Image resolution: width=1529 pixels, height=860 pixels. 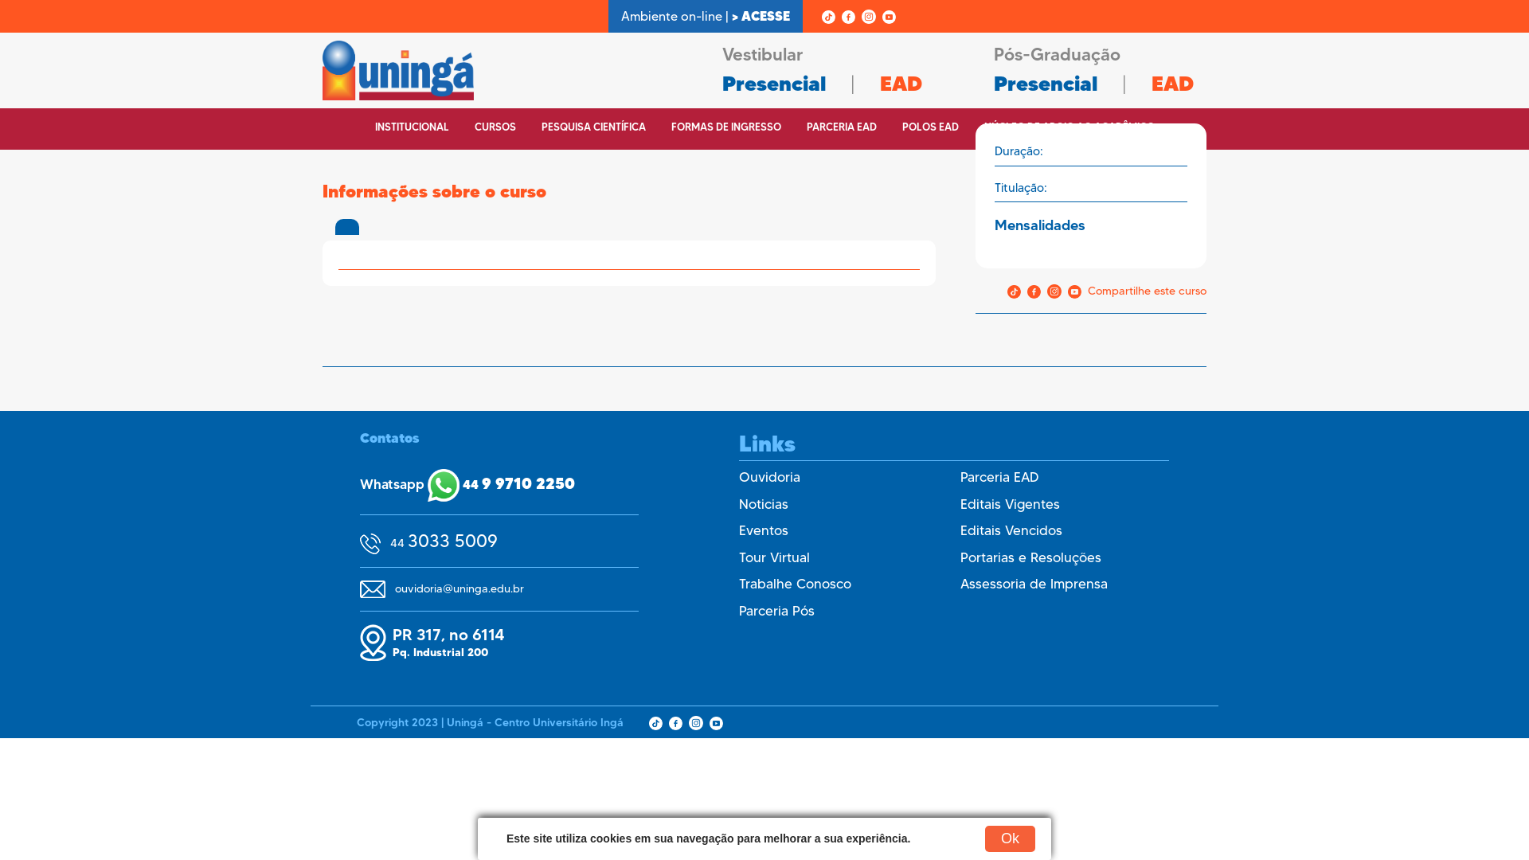 What do you see at coordinates (901, 83) in the screenshot?
I see `'EAD'` at bounding box center [901, 83].